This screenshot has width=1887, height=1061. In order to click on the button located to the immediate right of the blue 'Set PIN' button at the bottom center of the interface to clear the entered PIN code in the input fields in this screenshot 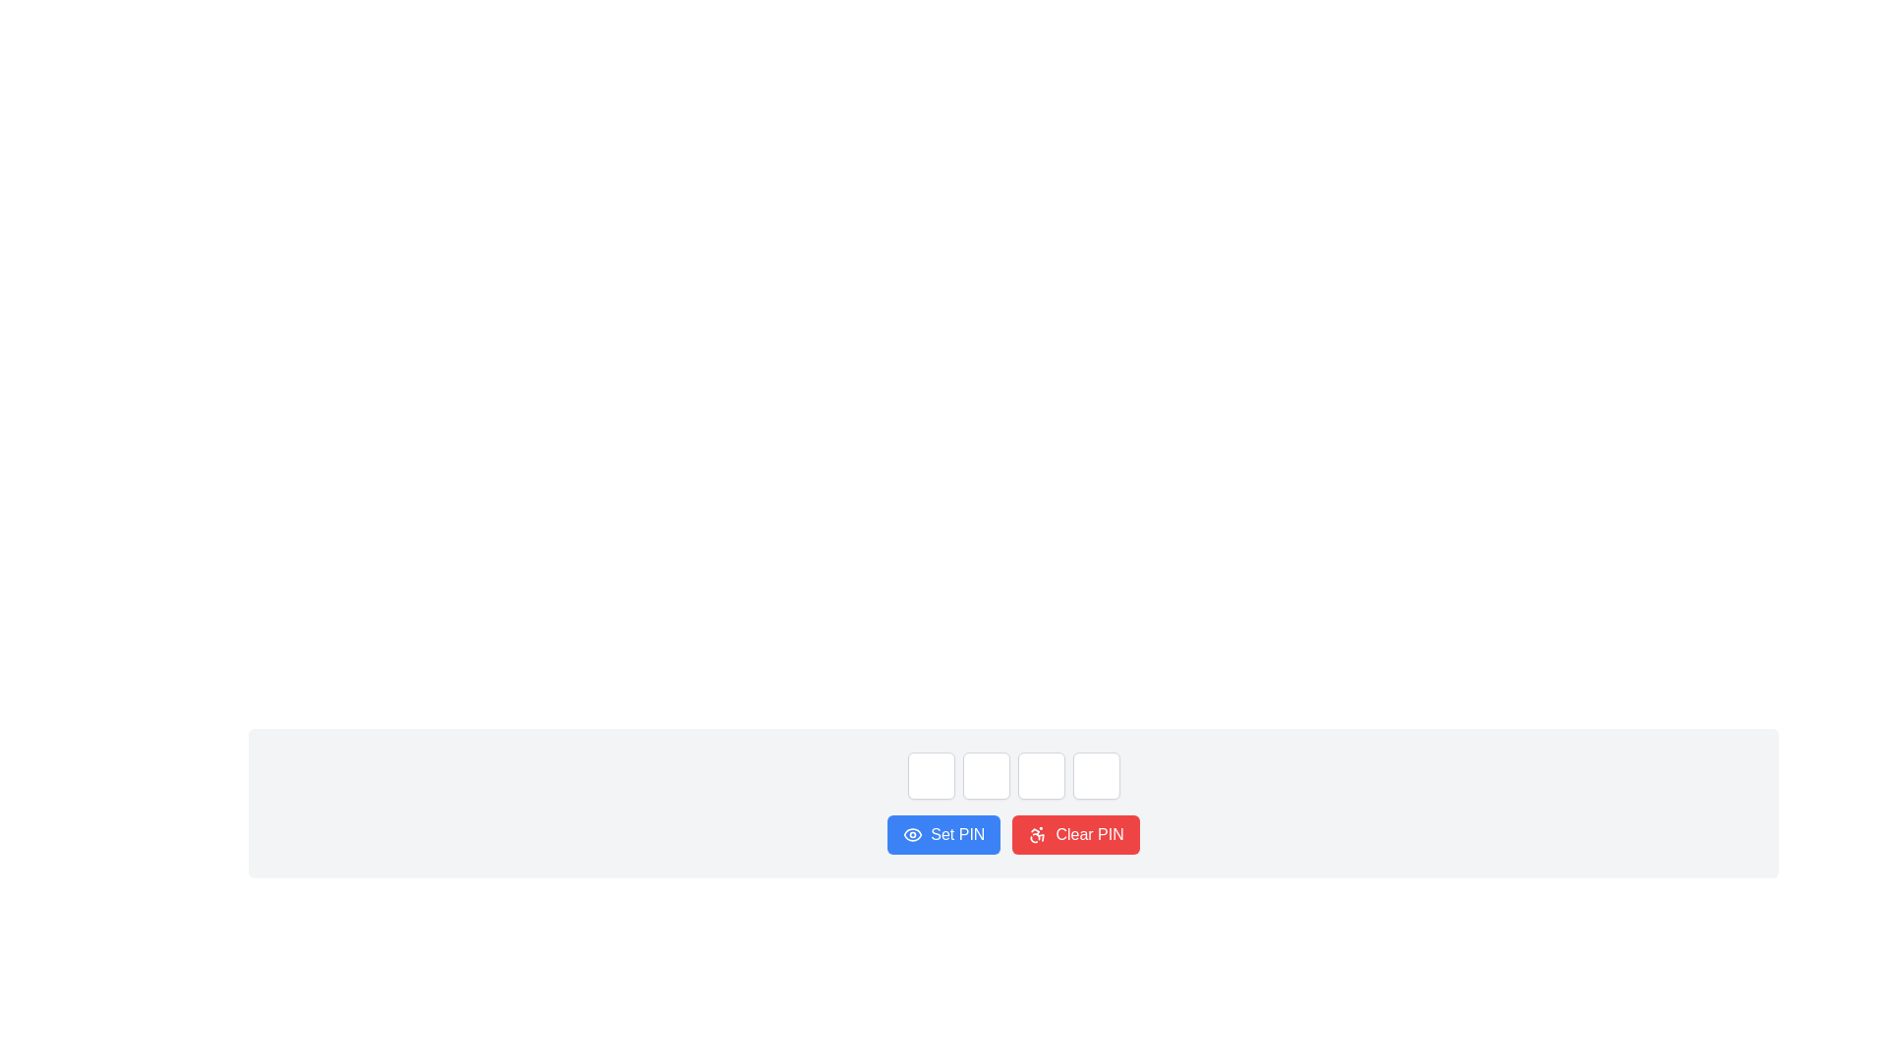, I will do `click(1074, 834)`.